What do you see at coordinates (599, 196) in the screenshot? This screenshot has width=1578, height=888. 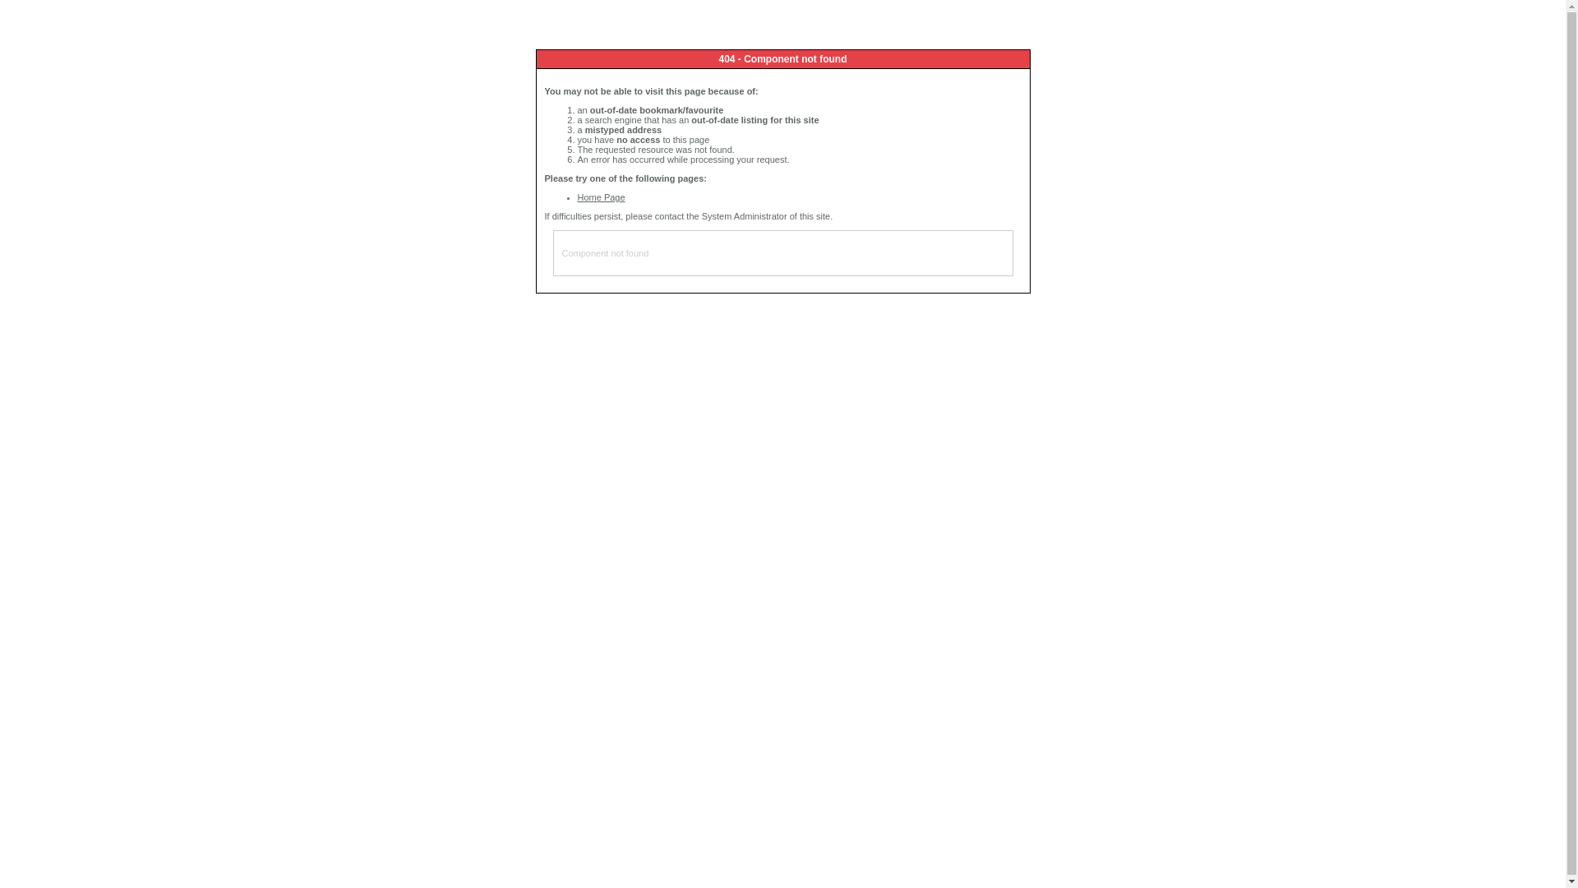 I see `'Home Page'` at bounding box center [599, 196].